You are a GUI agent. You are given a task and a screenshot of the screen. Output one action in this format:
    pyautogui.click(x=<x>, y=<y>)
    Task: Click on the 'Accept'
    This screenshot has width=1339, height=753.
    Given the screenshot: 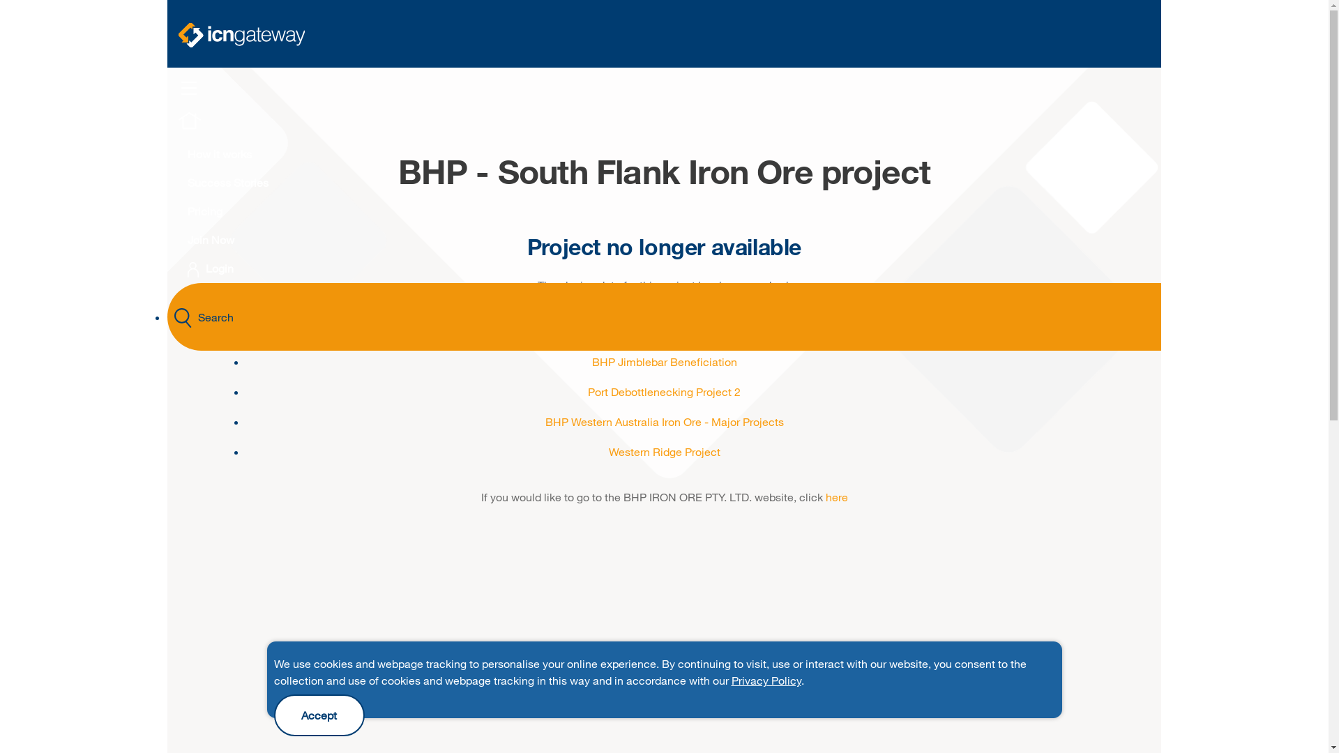 What is the action you would take?
    pyautogui.click(x=317, y=715)
    